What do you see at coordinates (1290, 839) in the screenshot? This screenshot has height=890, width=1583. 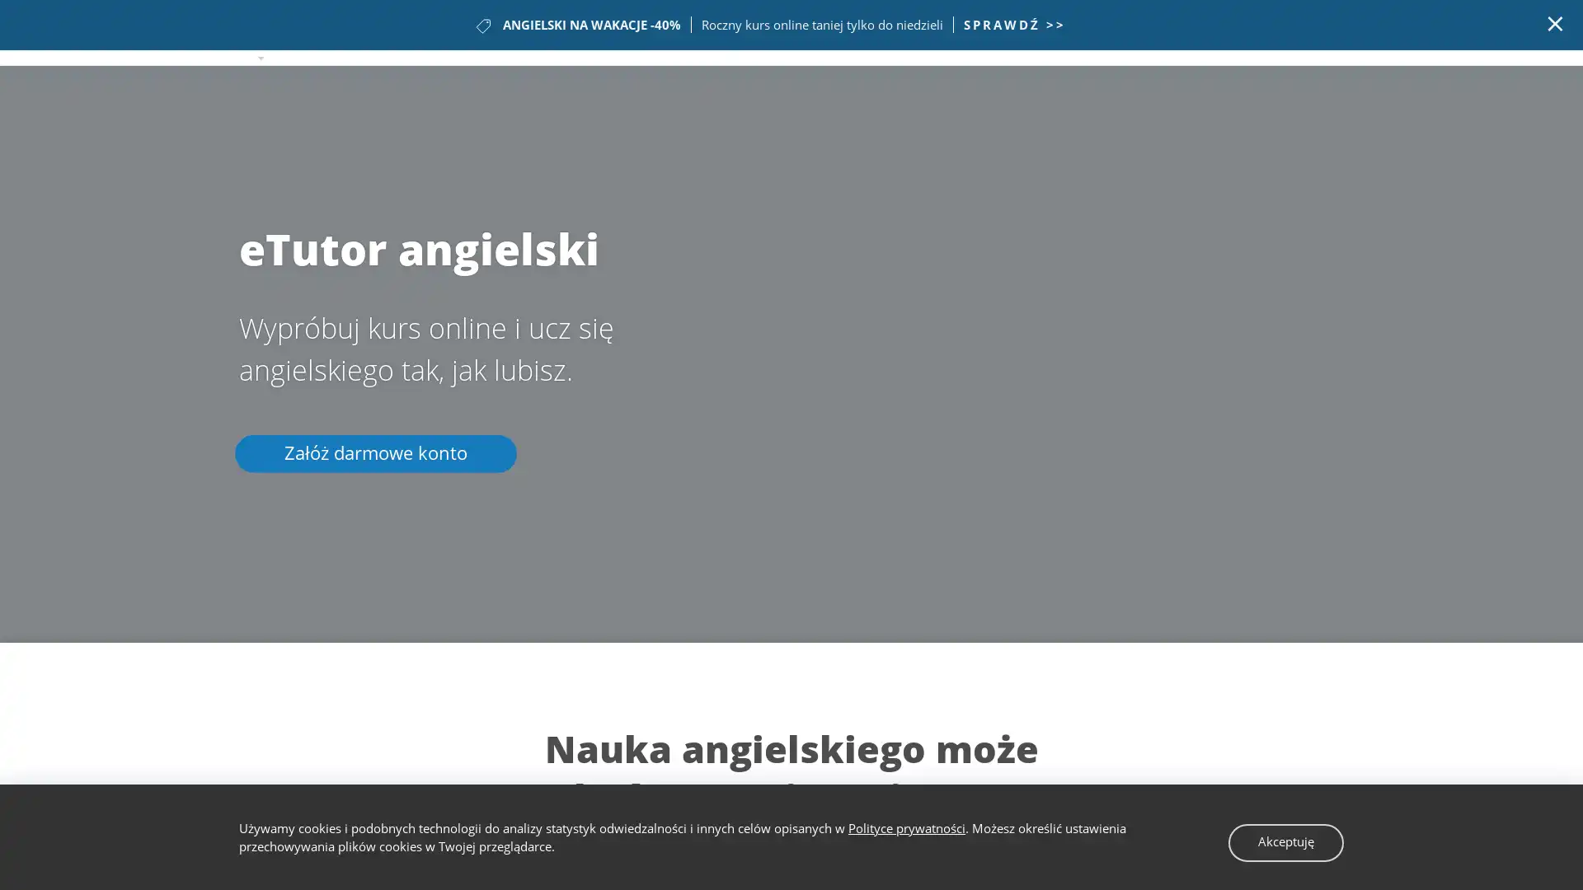 I see `Akceptuje` at bounding box center [1290, 839].